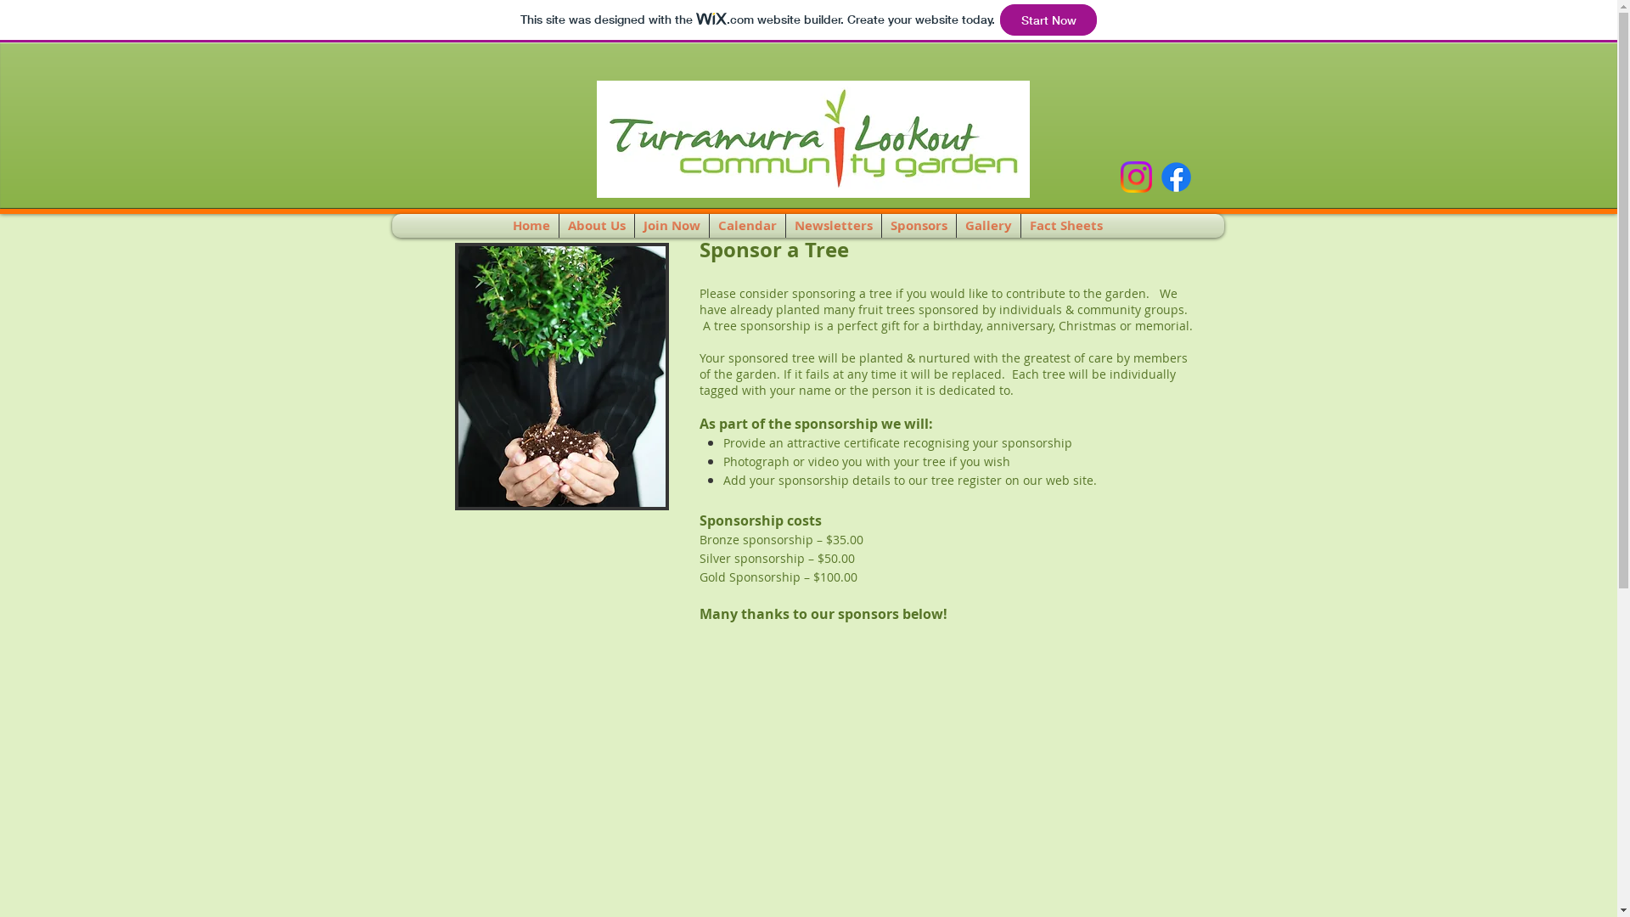  I want to click on 'Sponsors', so click(918, 225).